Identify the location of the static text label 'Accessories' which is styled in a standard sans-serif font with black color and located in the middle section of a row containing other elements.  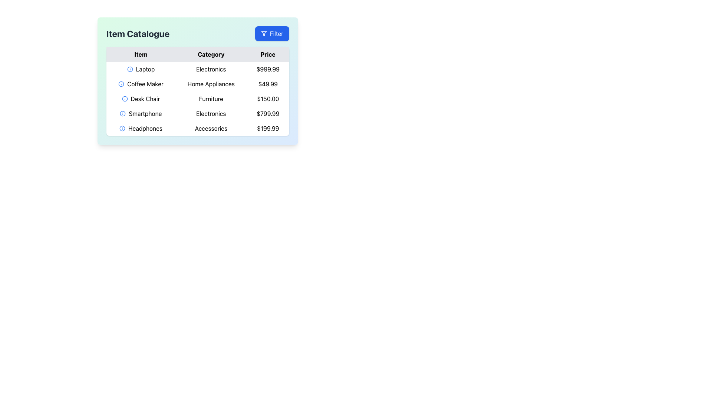
(211, 128).